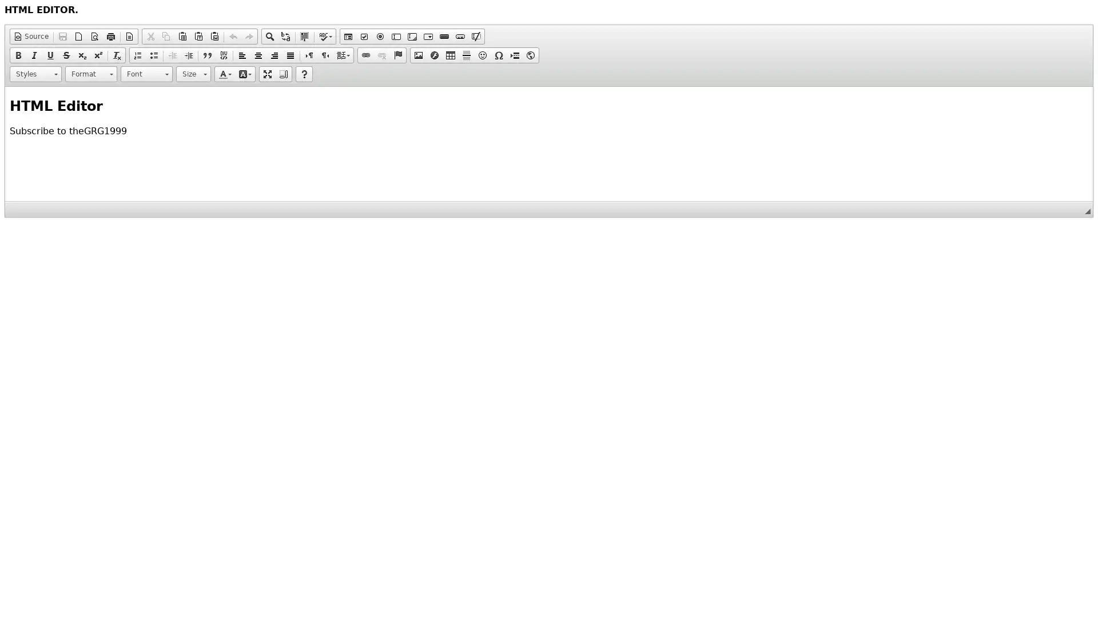 This screenshot has width=1098, height=617. What do you see at coordinates (433, 55) in the screenshot?
I see `Flash` at bounding box center [433, 55].